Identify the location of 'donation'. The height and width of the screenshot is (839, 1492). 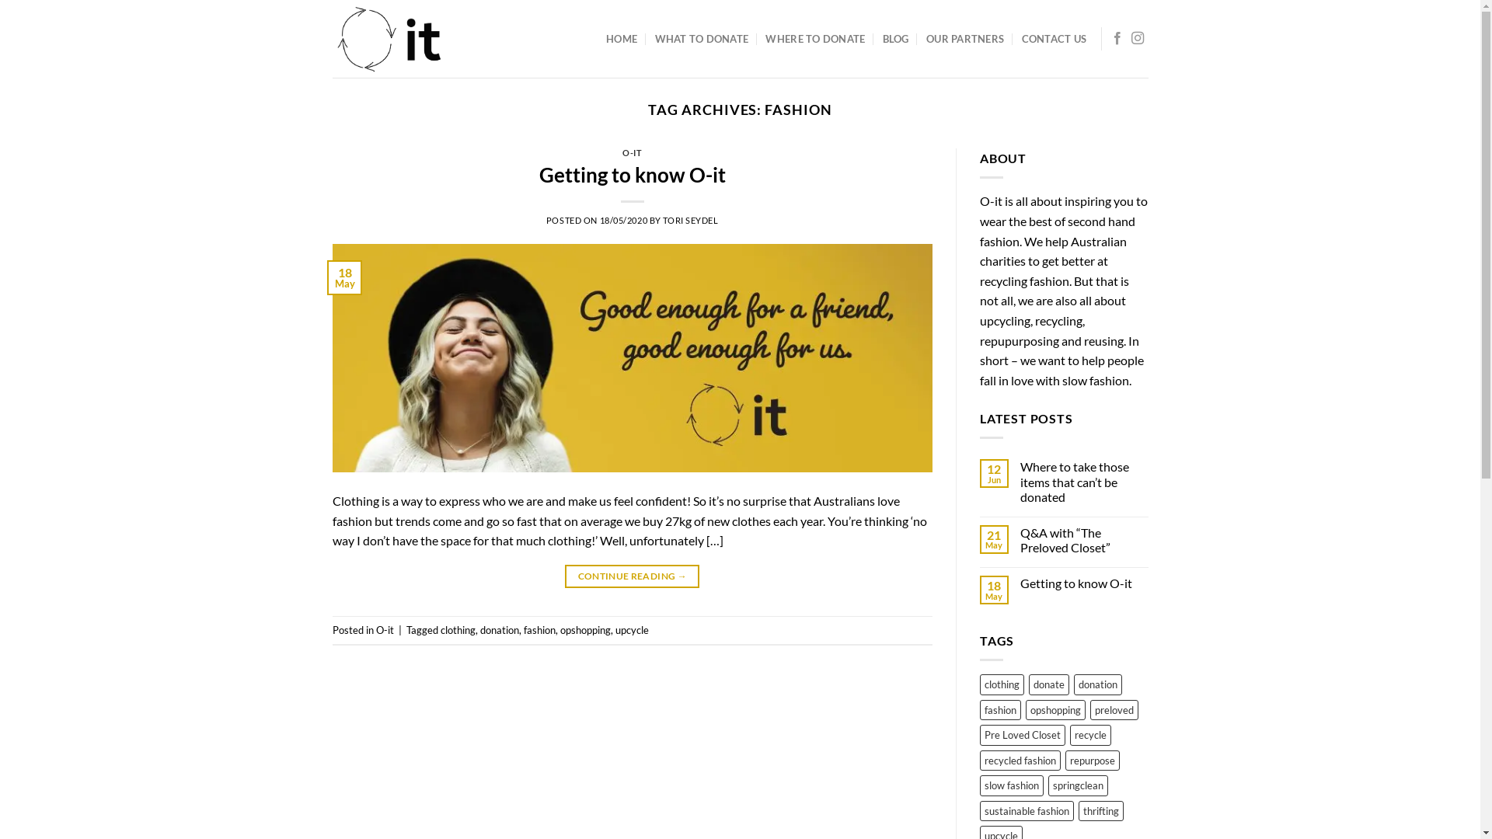
(1073, 683).